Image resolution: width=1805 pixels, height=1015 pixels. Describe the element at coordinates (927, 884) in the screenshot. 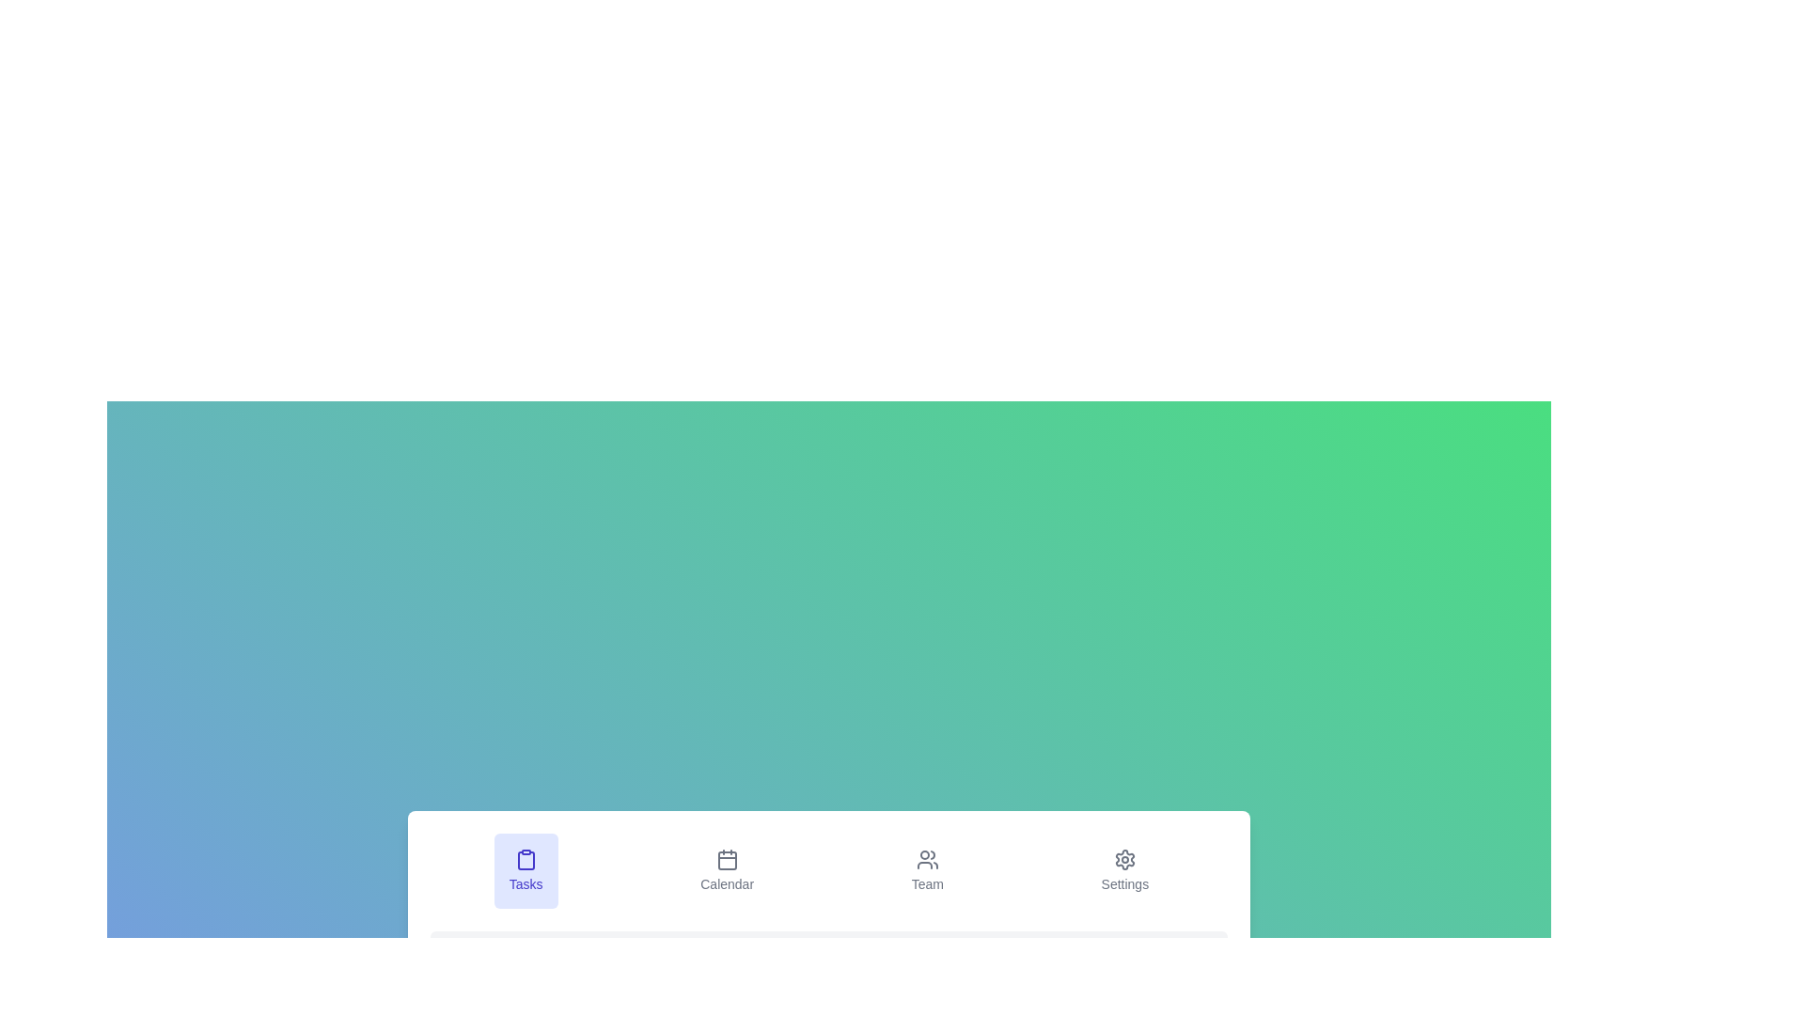

I see `the 'Team' static text label, which serves as a navigation option in the bottom horizontal navigation bar` at that location.